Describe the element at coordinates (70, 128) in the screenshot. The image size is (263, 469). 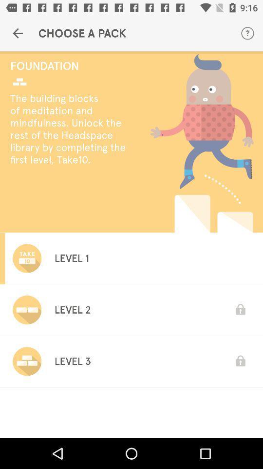
I see `the the building blocks` at that location.